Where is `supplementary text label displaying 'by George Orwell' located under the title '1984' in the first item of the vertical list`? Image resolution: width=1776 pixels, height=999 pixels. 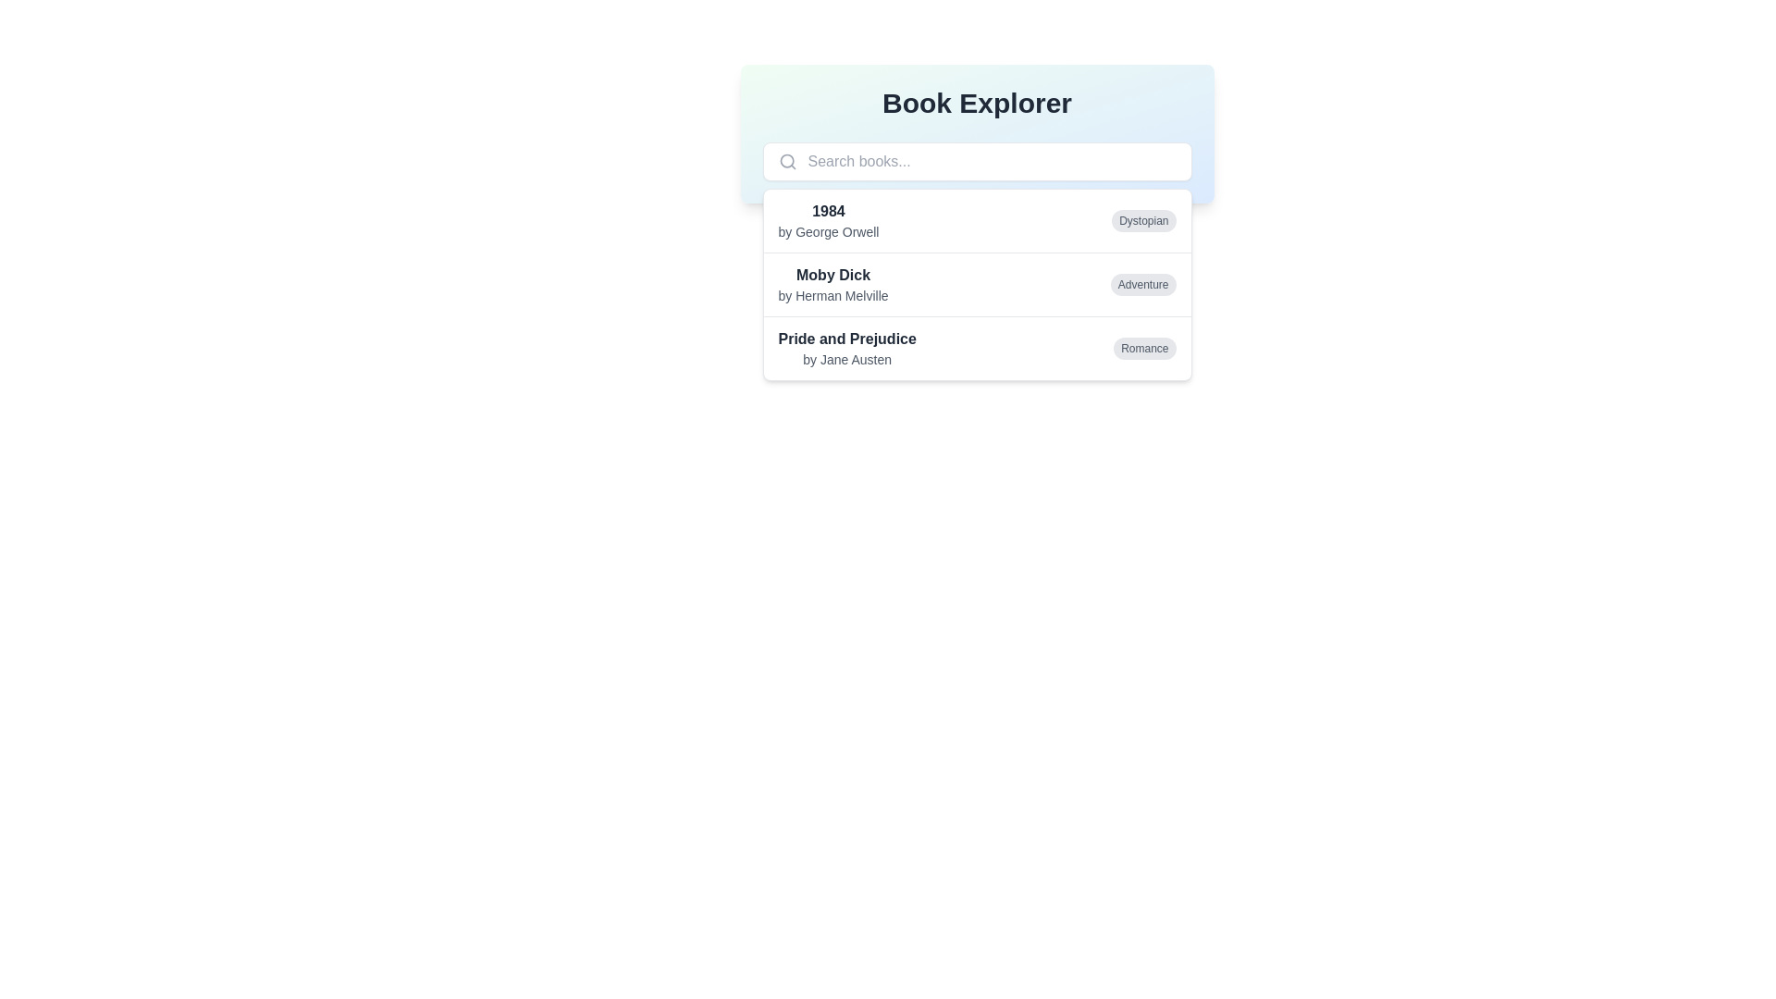 supplementary text label displaying 'by George Orwell' located under the title '1984' in the first item of the vertical list is located at coordinates (828, 230).